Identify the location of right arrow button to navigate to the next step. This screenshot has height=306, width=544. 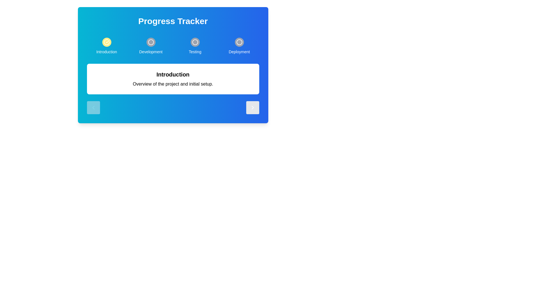
(252, 108).